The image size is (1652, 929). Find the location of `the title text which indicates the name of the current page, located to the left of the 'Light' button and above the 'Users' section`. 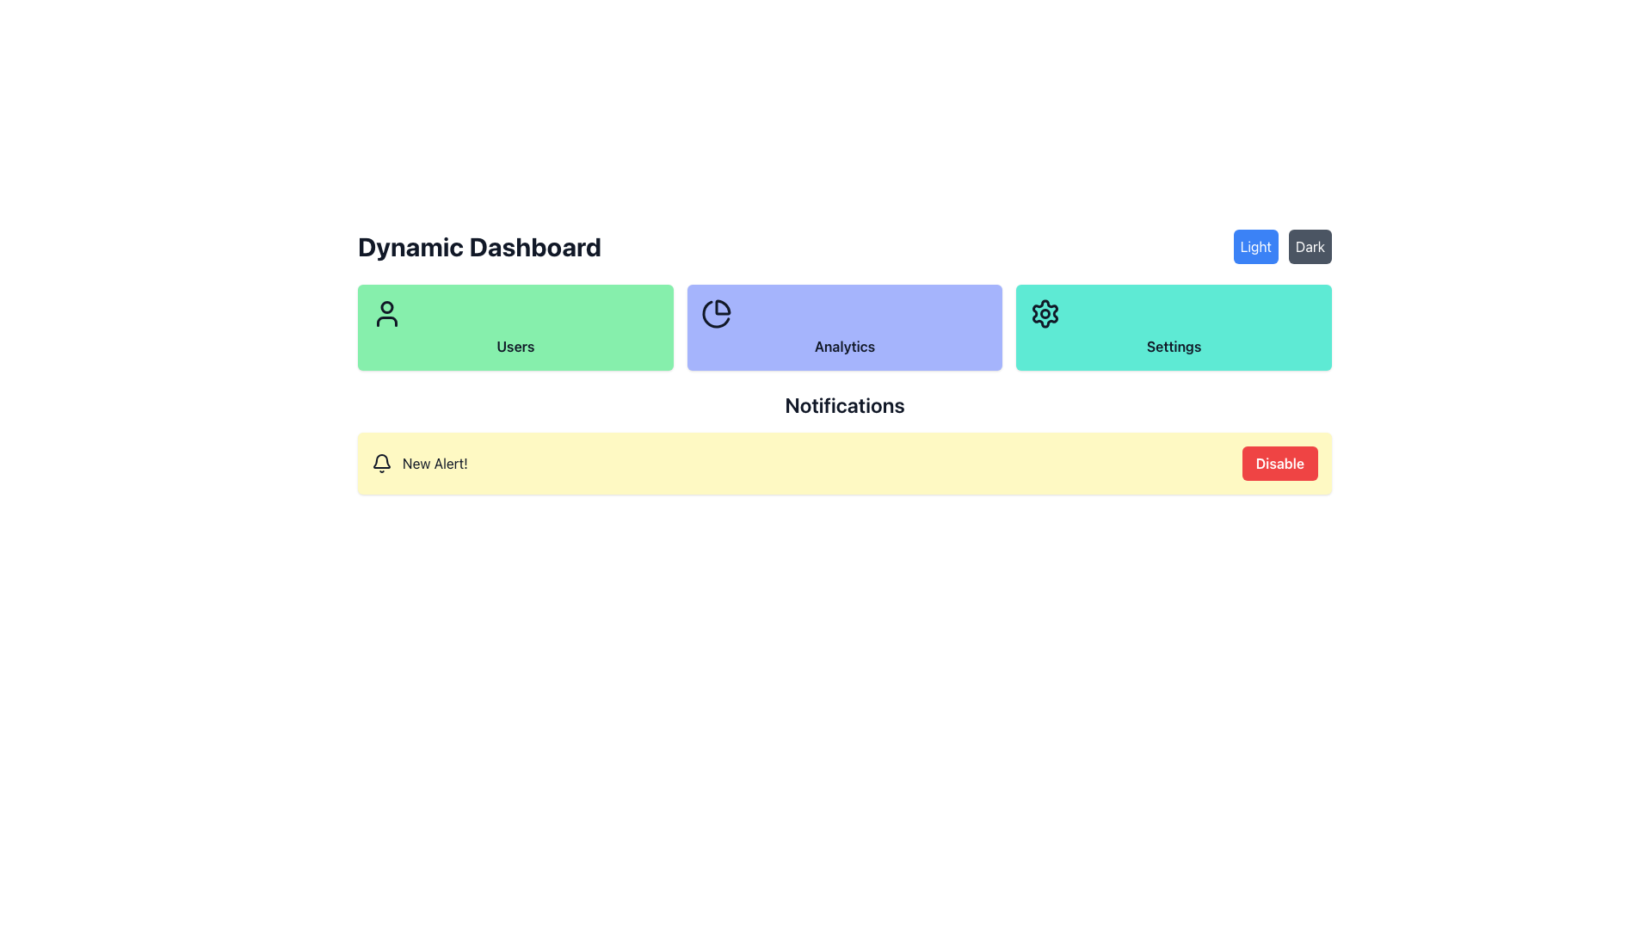

the title text which indicates the name of the current page, located to the left of the 'Light' button and above the 'Users' section is located at coordinates (479, 246).